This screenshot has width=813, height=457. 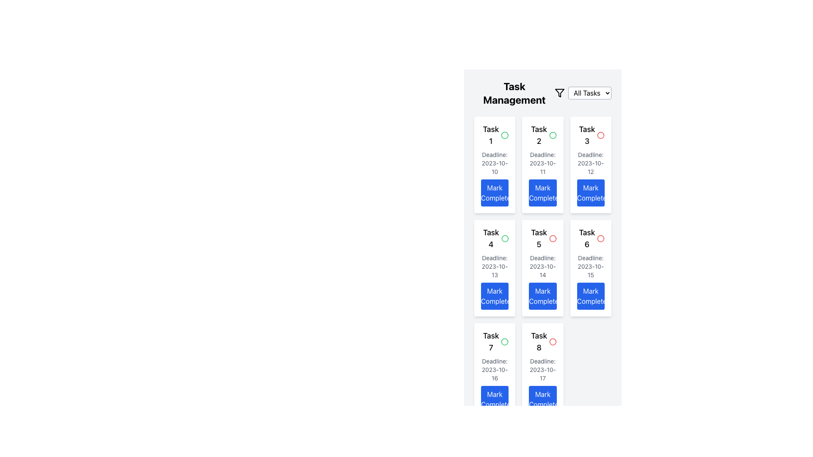 I want to click on the filter icon, which resembles an inverted triangle or funnel shape, located next to the text 'All Tasks' in the top-right corner of the interface, so click(x=559, y=93).